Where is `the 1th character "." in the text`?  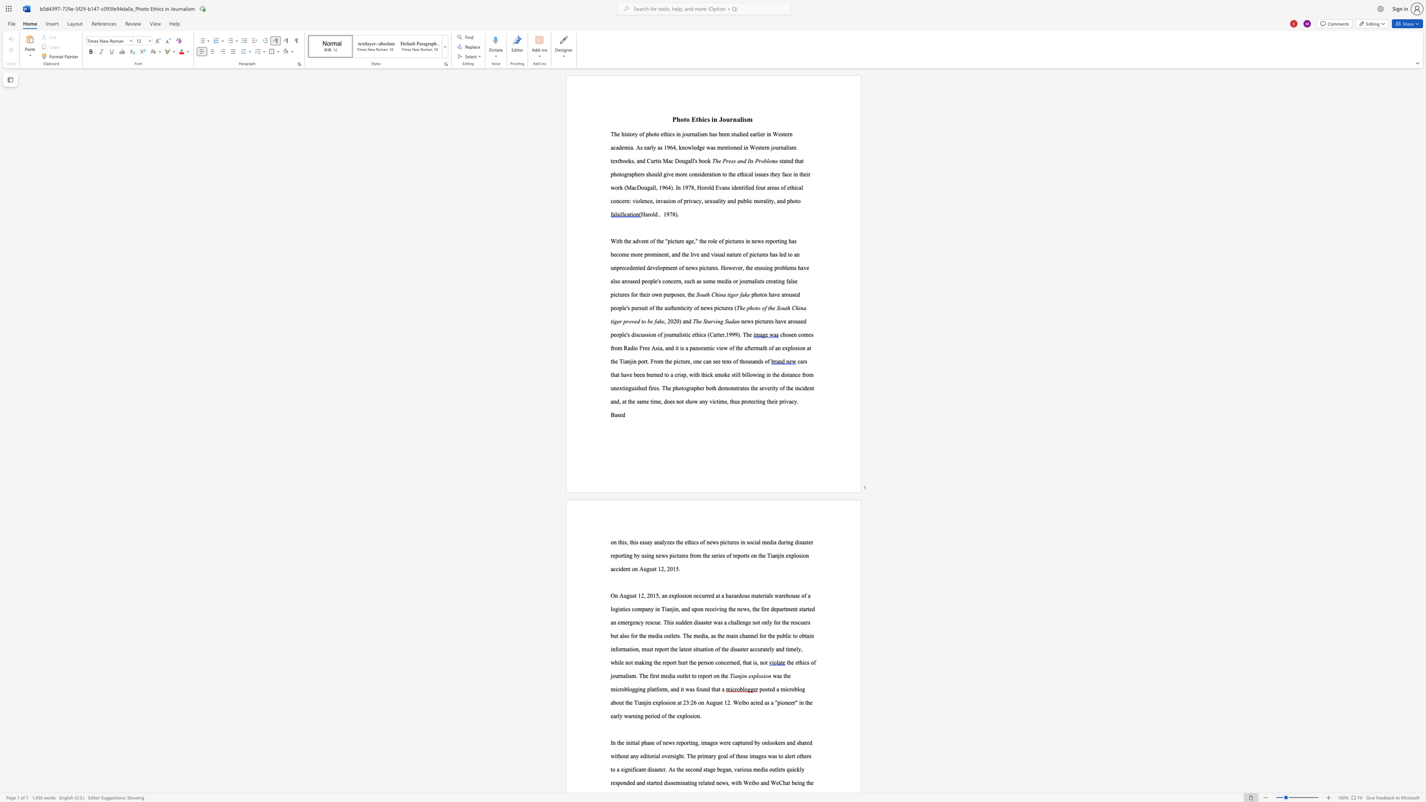
the 1th character "." in the text is located at coordinates (678, 214).